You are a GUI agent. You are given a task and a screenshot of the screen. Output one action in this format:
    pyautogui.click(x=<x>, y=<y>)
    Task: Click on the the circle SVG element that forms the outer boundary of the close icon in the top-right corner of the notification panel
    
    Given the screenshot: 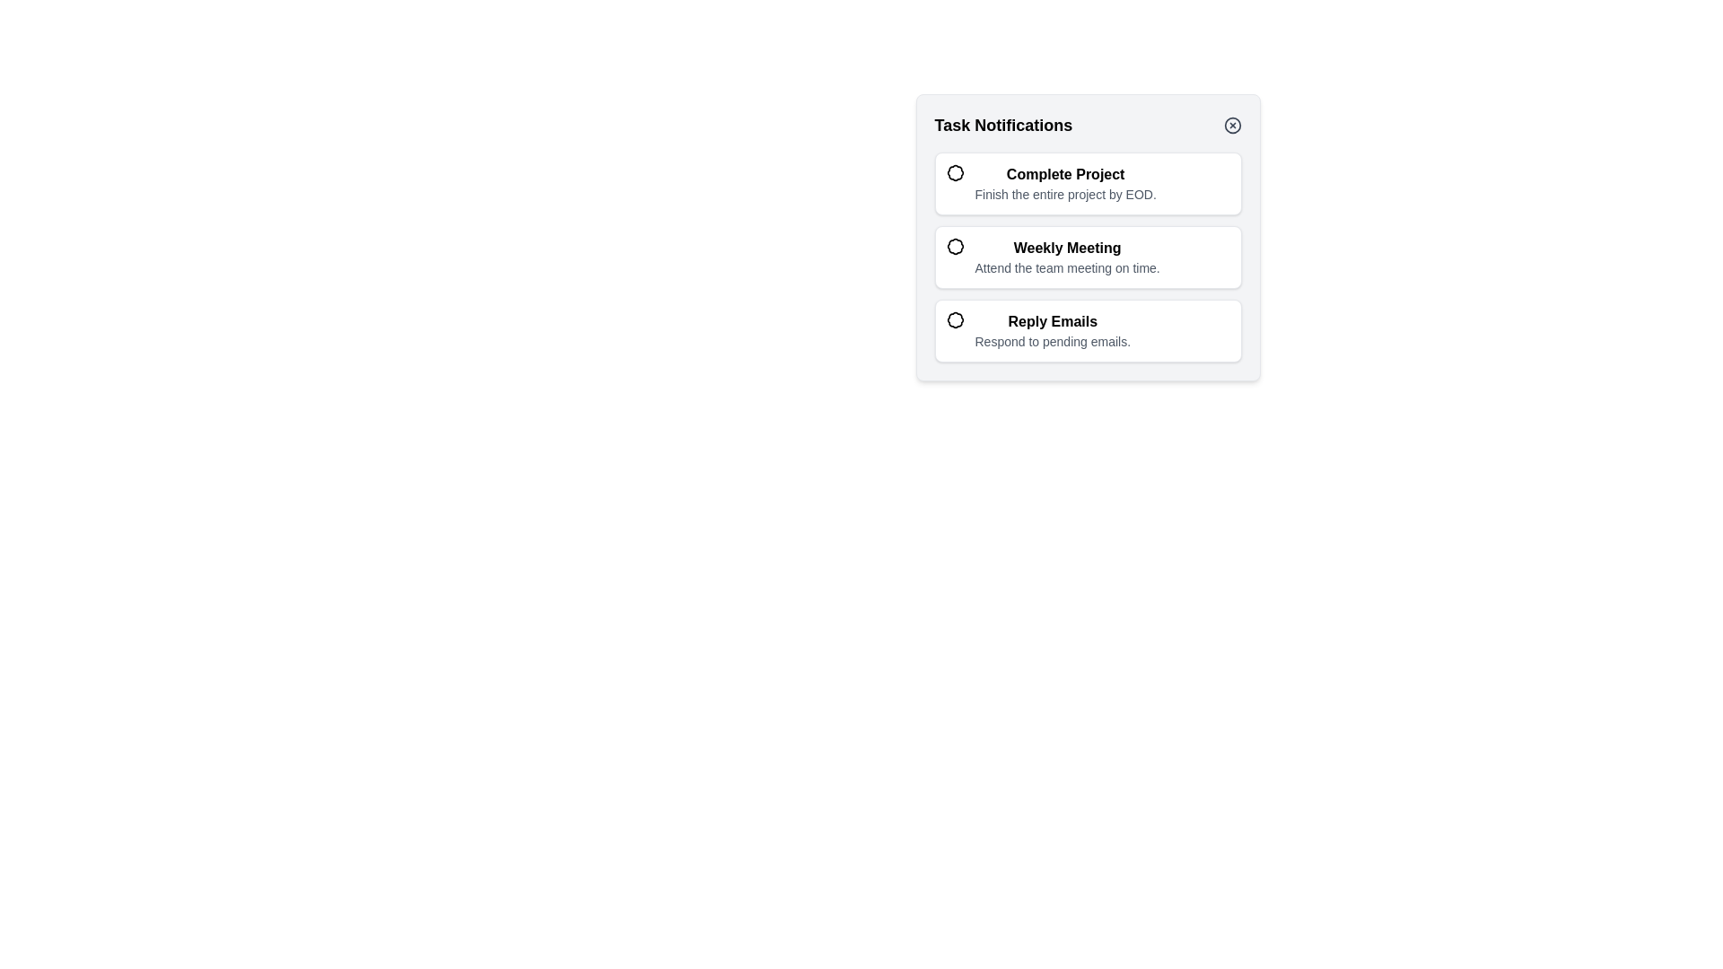 What is the action you would take?
    pyautogui.click(x=1231, y=124)
    